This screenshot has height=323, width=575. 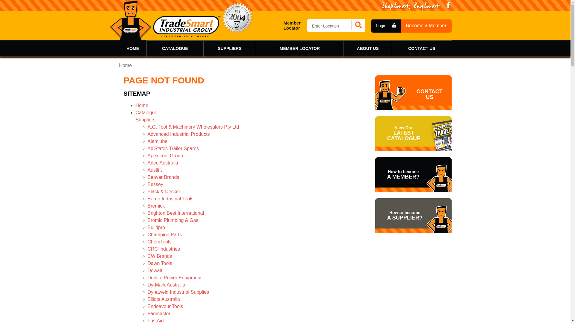 I want to click on 'Black & Decker', so click(x=147, y=191).